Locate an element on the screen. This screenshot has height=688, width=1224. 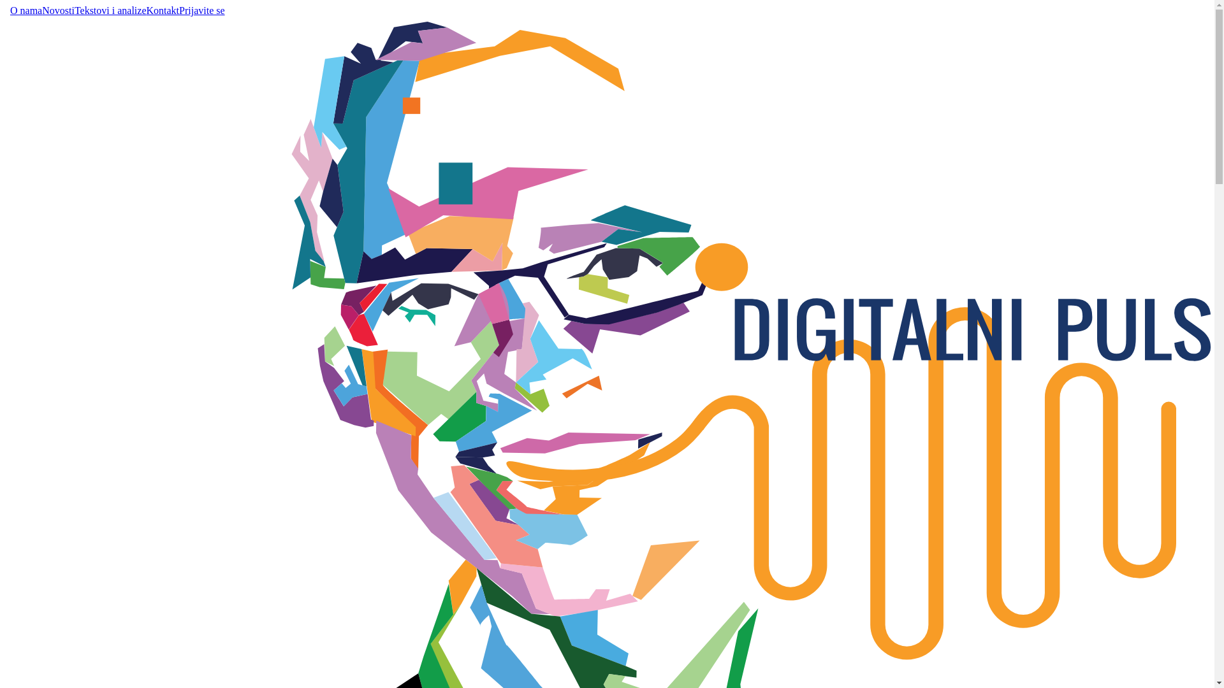
'O nama' is located at coordinates (26, 10).